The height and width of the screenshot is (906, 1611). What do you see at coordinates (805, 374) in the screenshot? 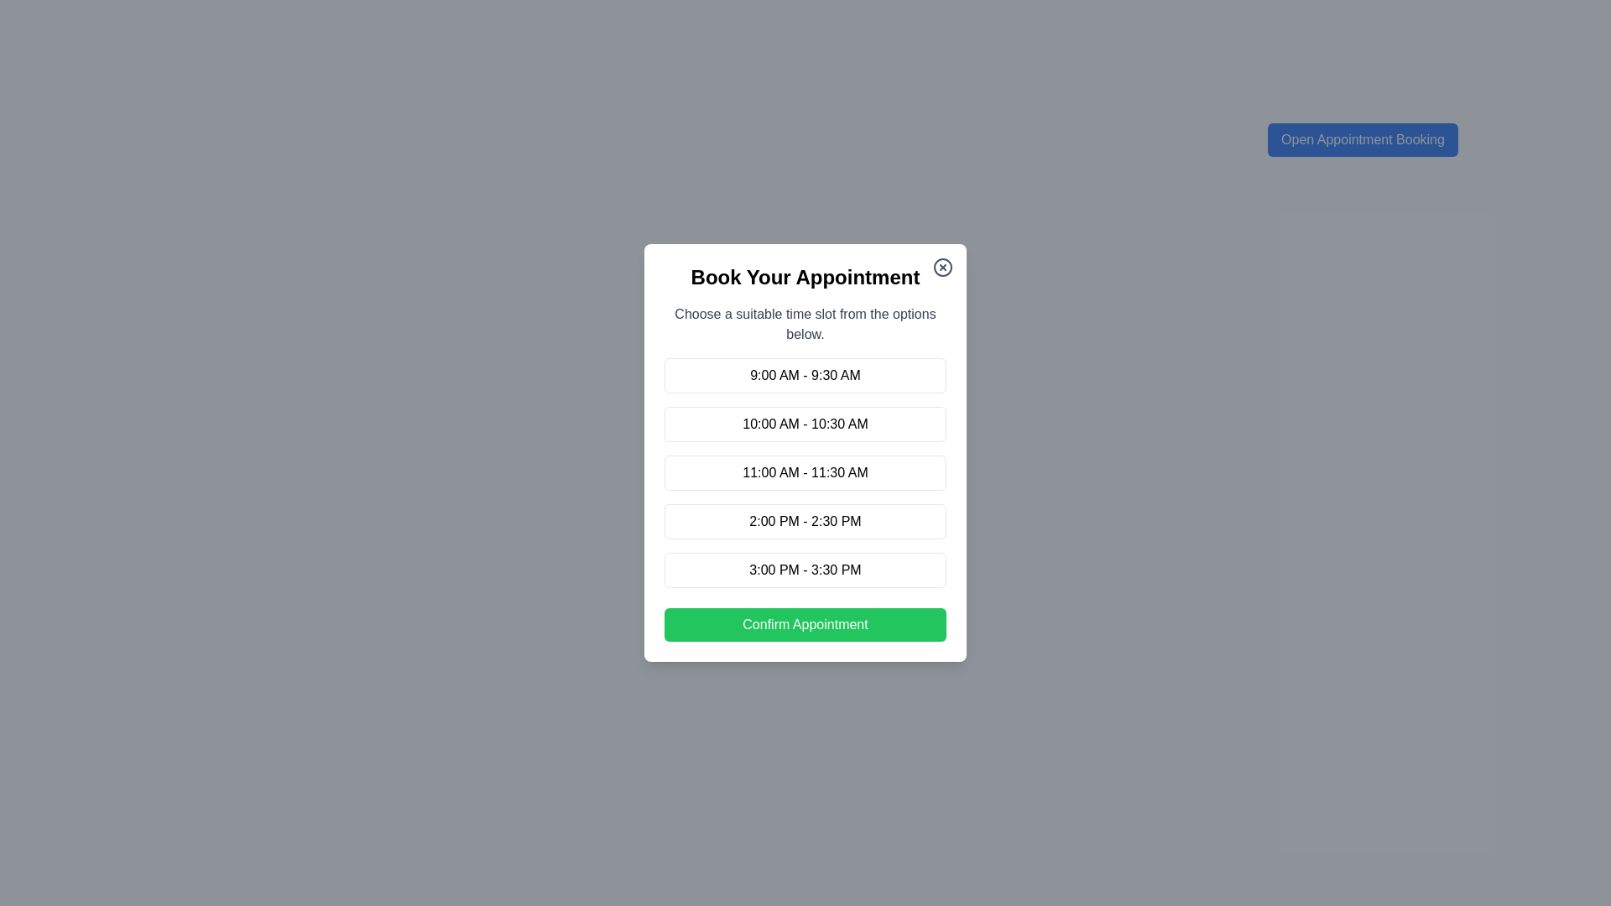
I see `the first button in the 'Book Your Appointment' modal` at bounding box center [805, 374].